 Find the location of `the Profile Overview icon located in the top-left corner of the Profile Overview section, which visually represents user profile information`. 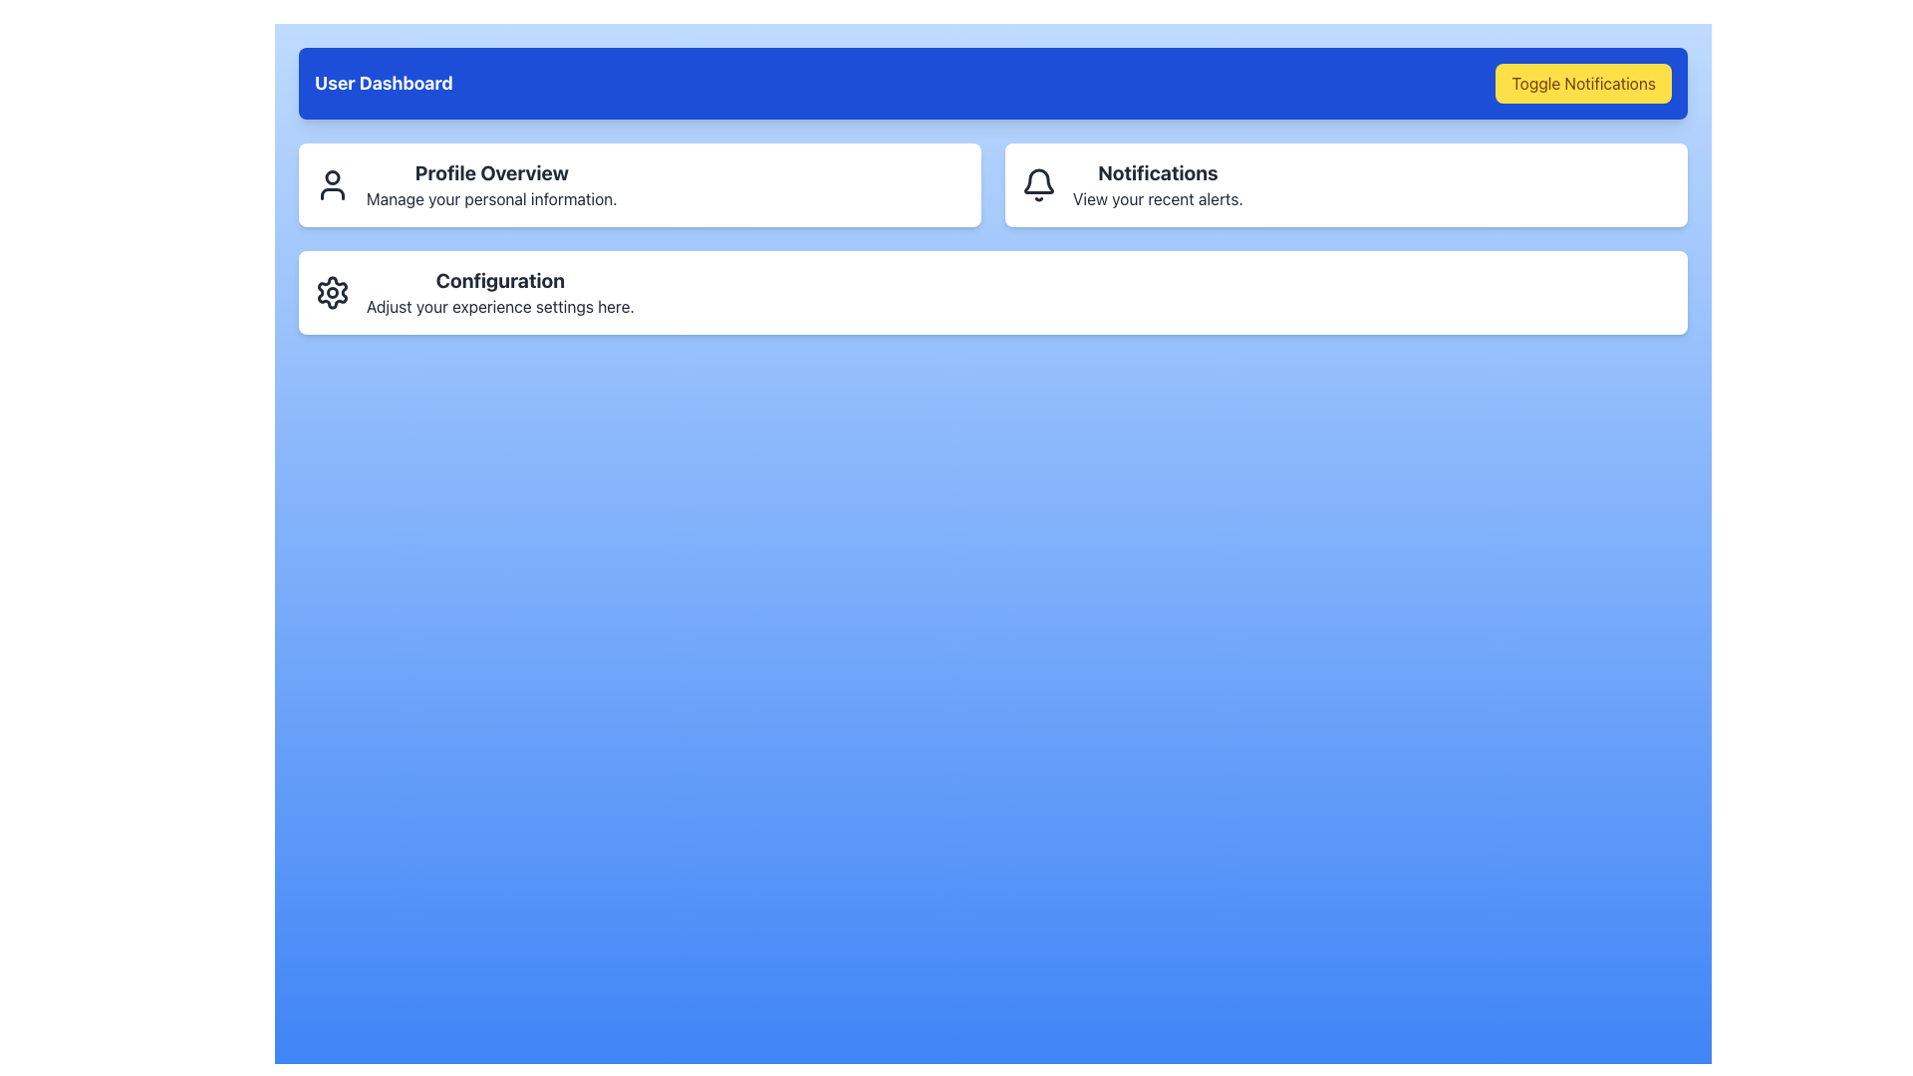

the Profile Overview icon located in the top-left corner of the Profile Overview section, which visually represents user profile information is located at coordinates (333, 184).